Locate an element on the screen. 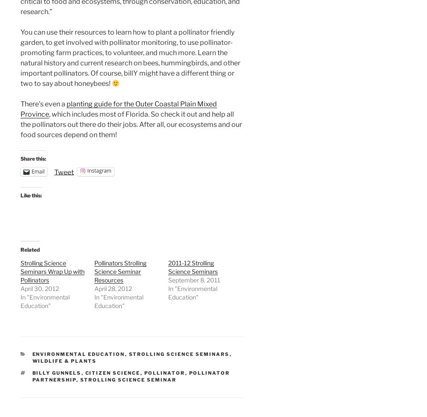 The width and height of the screenshot is (427, 417). 'Wildlife & Plants' is located at coordinates (64, 361).